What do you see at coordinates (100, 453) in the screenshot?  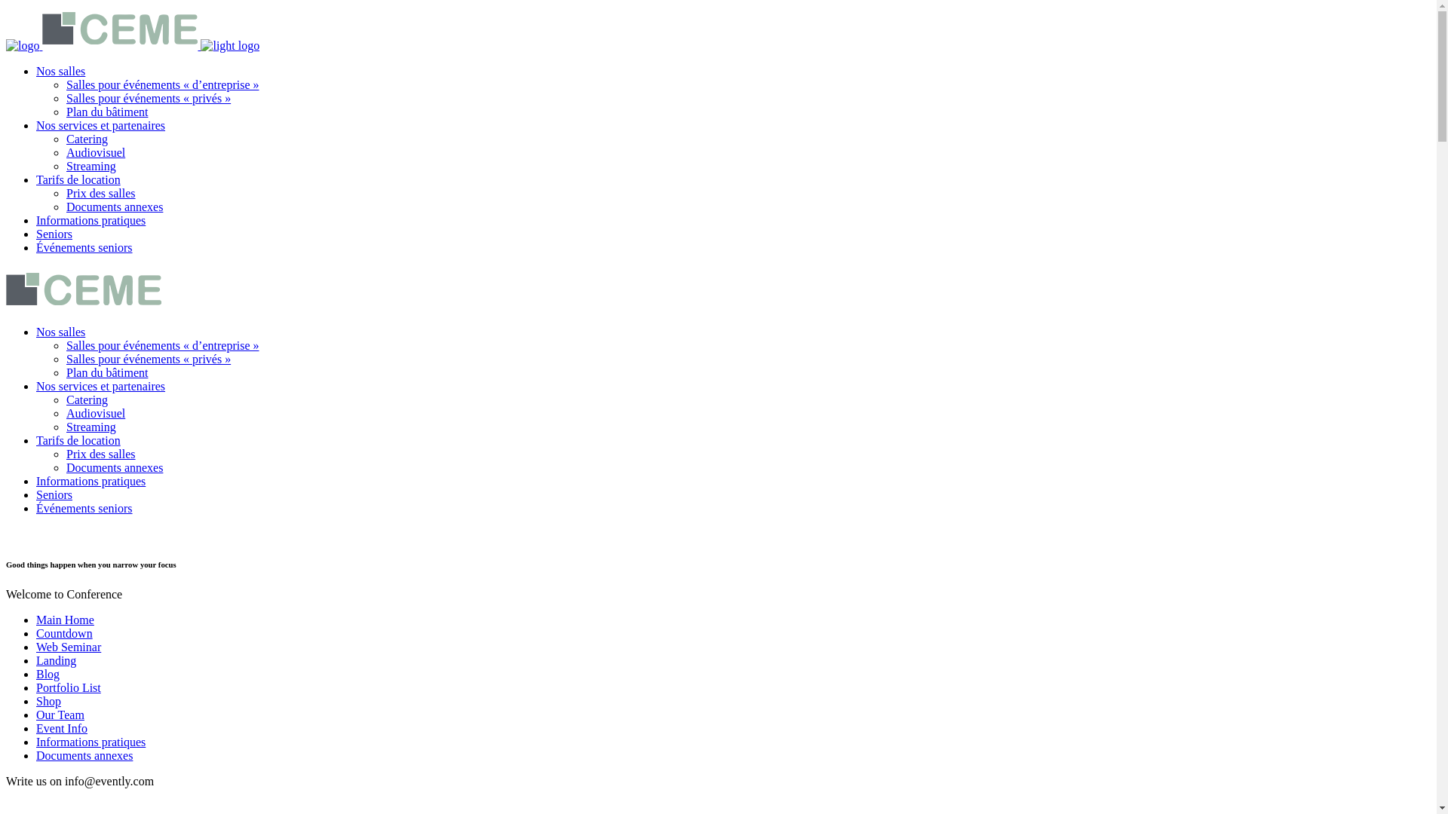 I see `'Prix des salles'` at bounding box center [100, 453].